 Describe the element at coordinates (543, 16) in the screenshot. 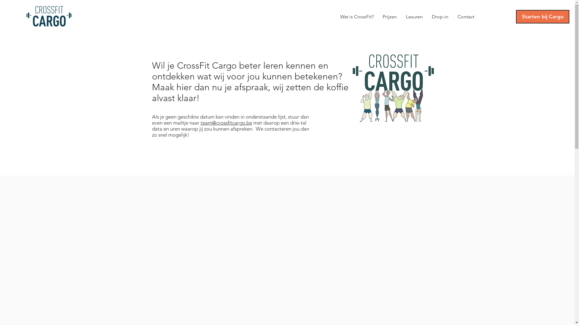

I see `'Starten bij Cargo'` at that location.